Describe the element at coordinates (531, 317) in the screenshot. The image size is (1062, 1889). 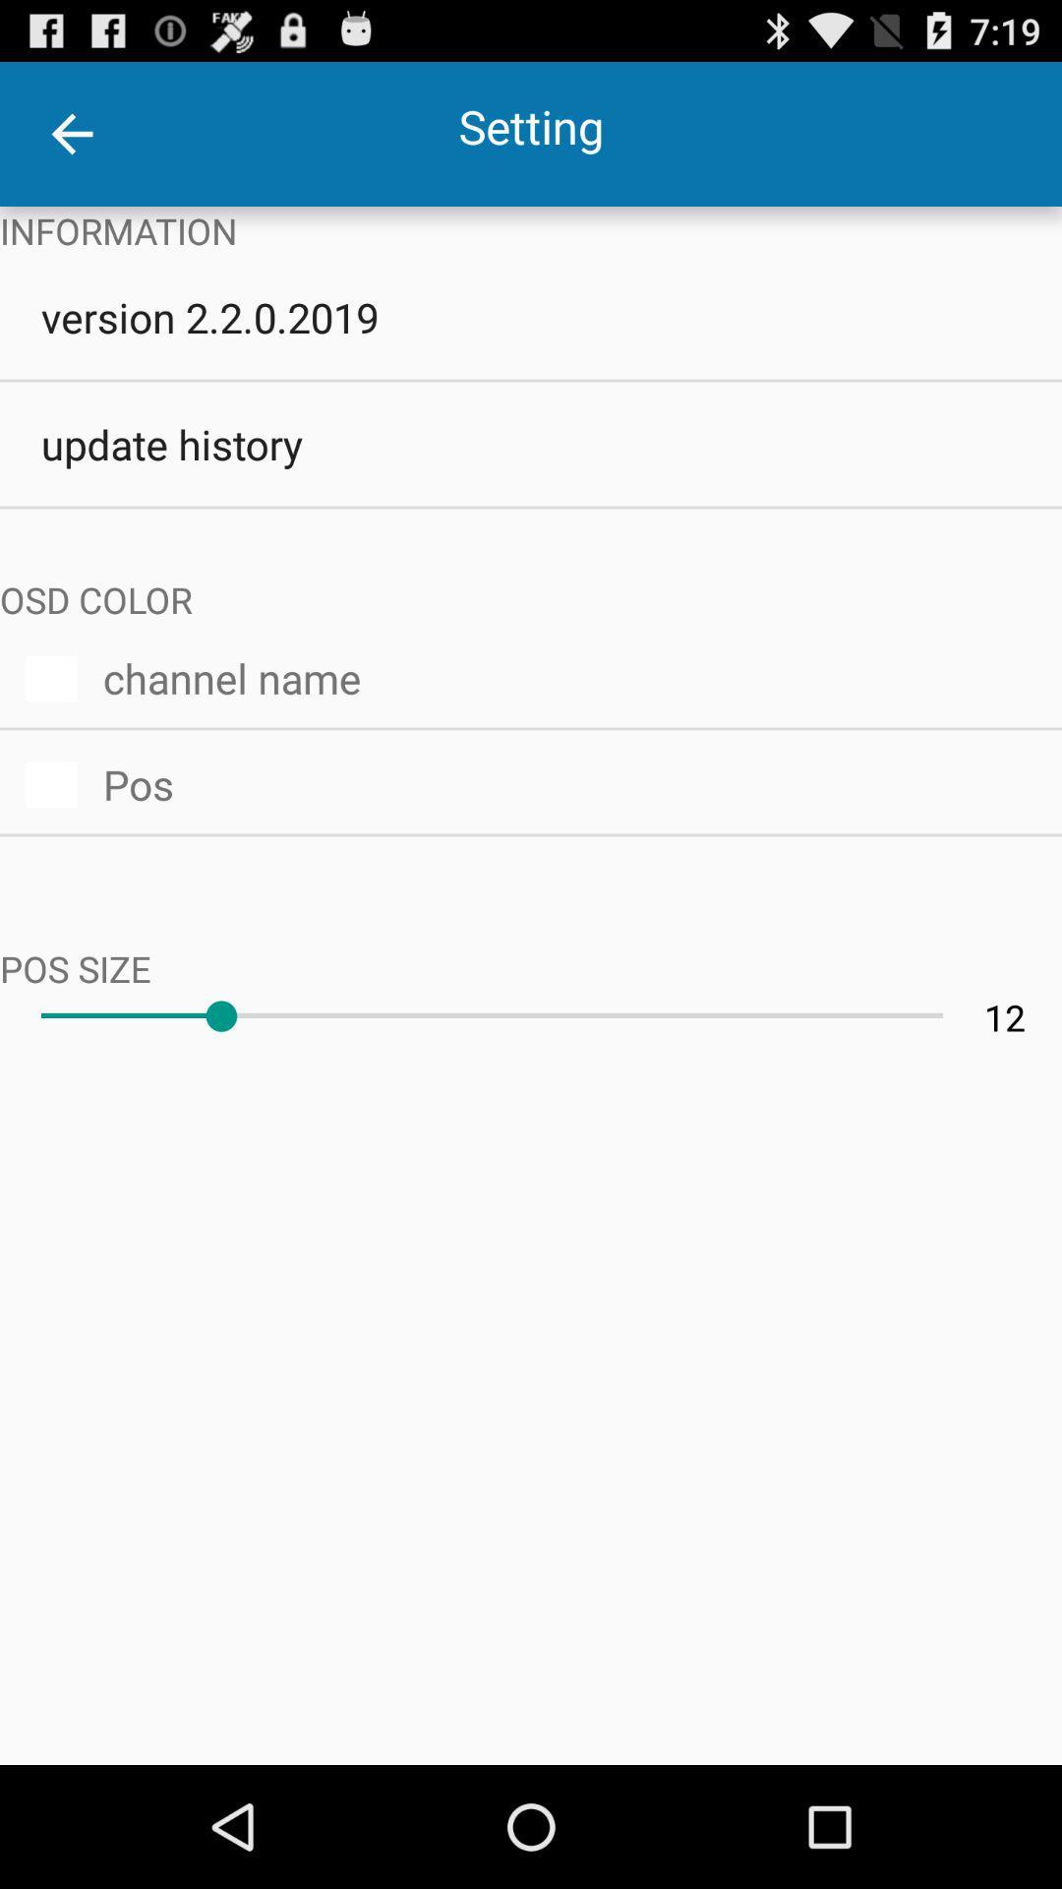
I see `item above update history item` at that location.